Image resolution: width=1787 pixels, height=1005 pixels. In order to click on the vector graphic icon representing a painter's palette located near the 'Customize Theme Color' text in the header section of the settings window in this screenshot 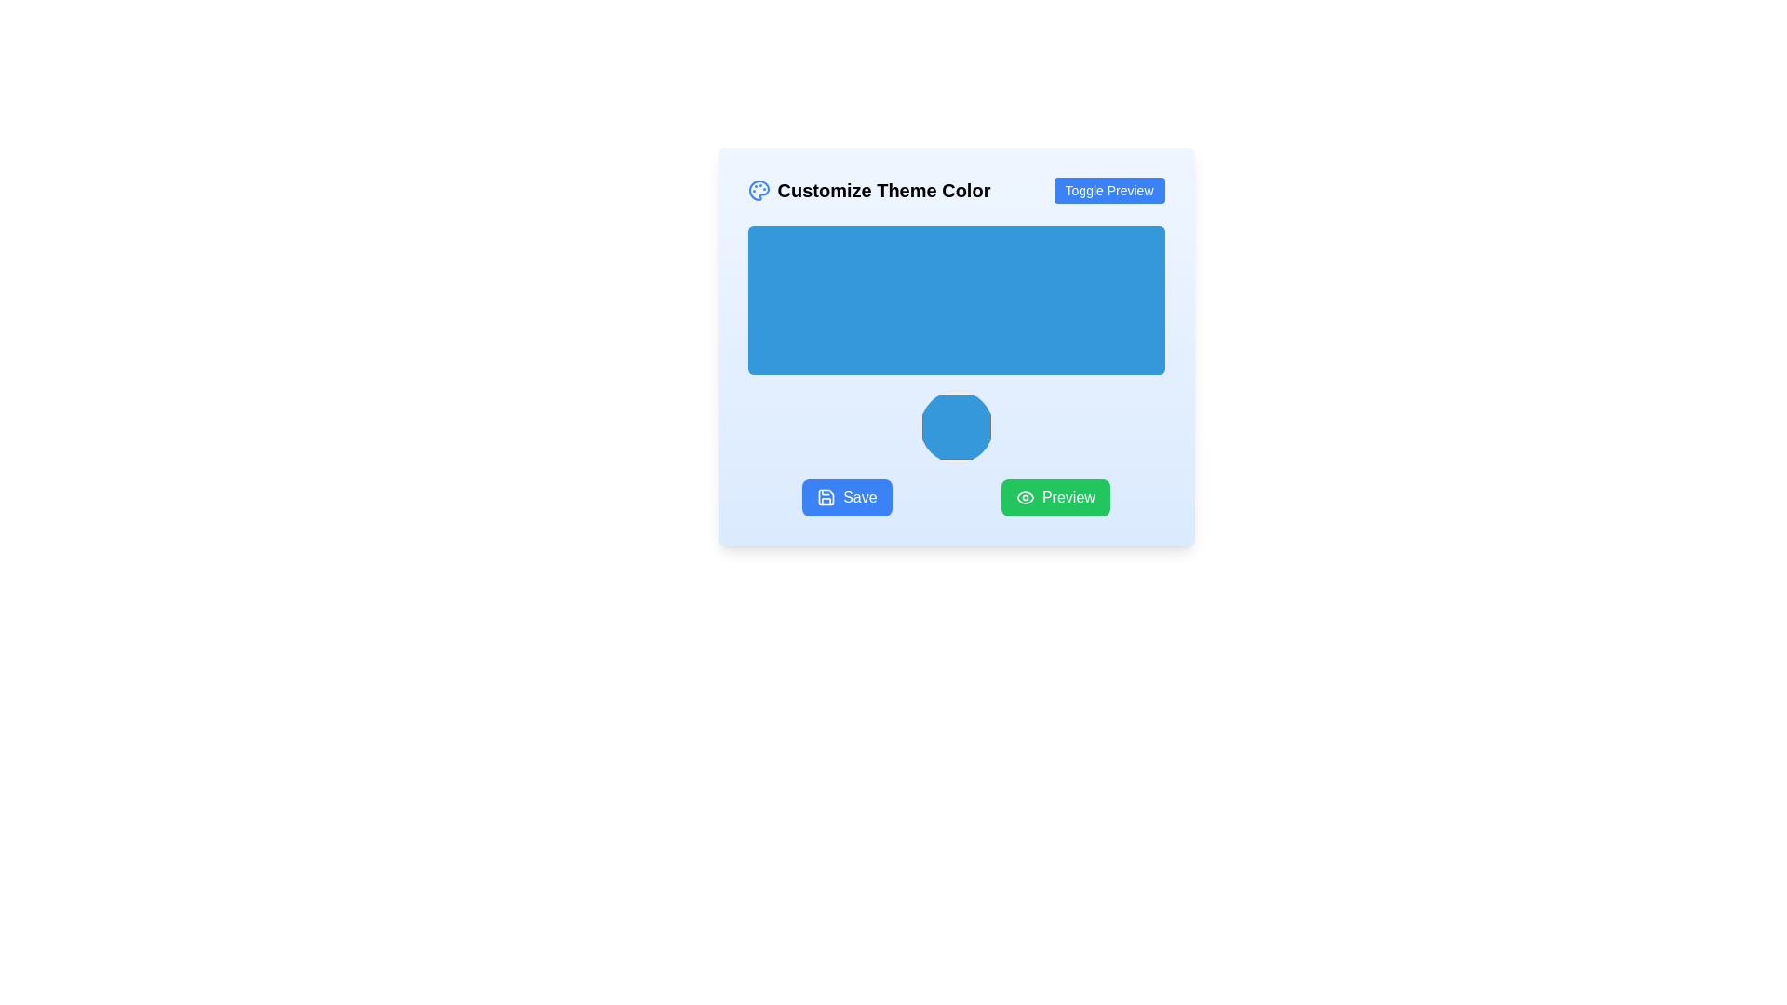, I will do `click(759, 190)`.